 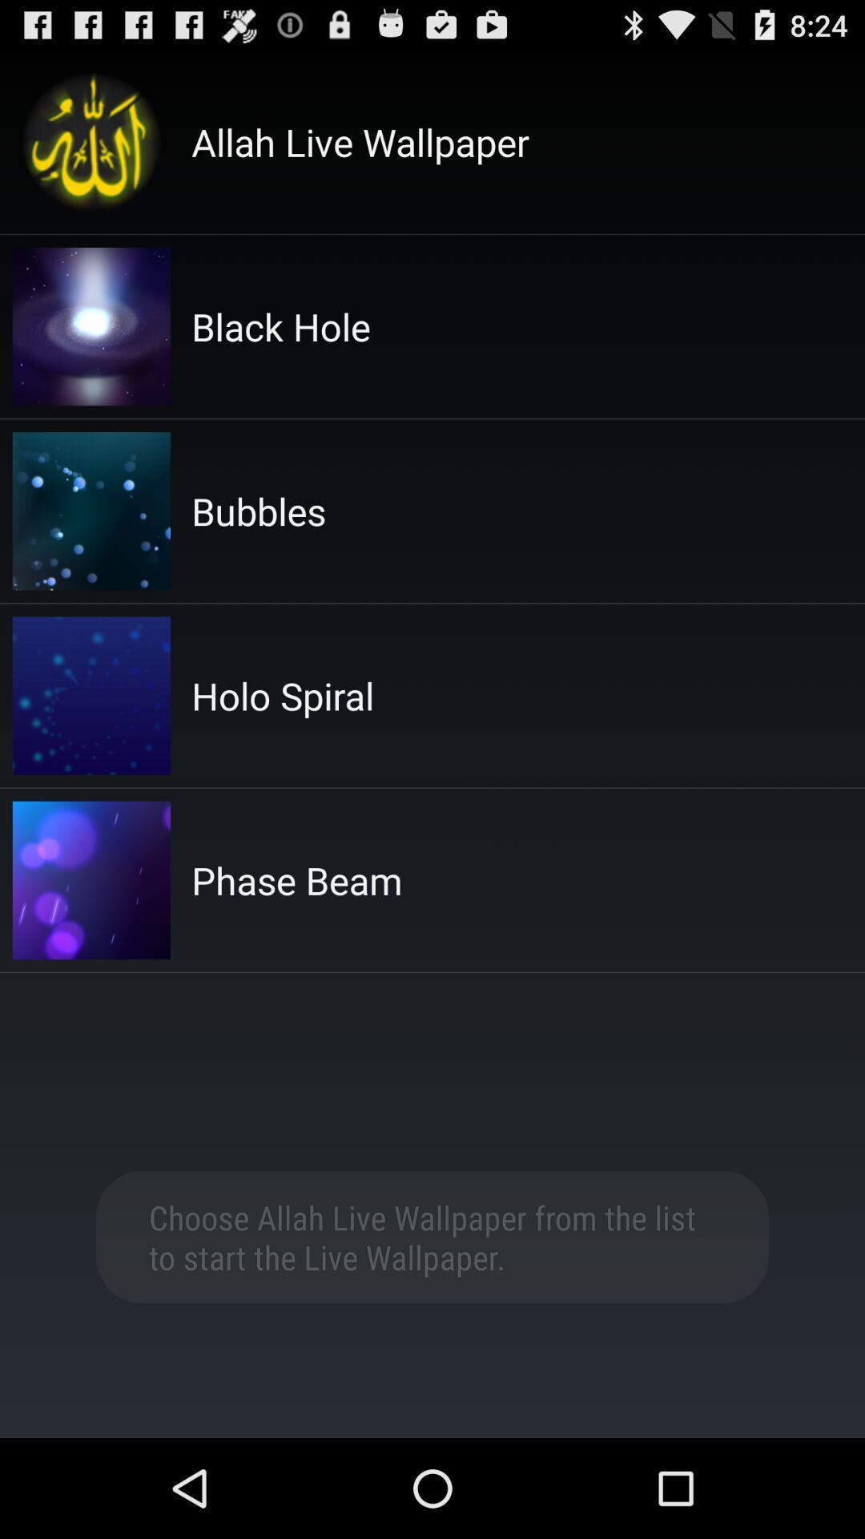 What do you see at coordinates (258, 510) in the screenshot?
I see `the bubbles app` at bounding box center [258, 510].